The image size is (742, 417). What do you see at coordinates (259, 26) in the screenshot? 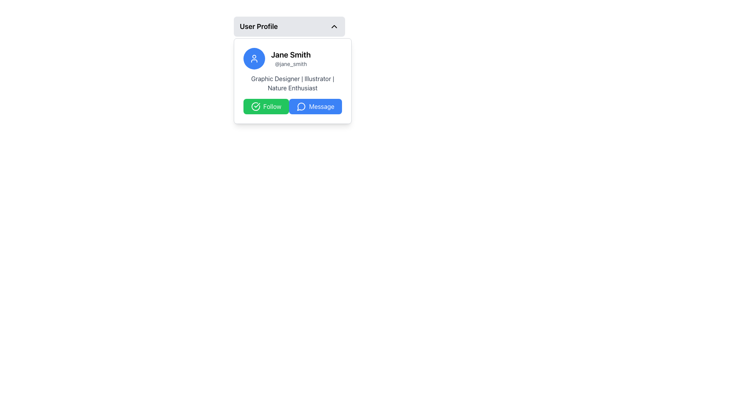
I see `the content of the 'User Profile' text label located in the header section of the dropdown menu, positioned at the top-left before the dropdown arrow icon` at bounding box center [259, 26].